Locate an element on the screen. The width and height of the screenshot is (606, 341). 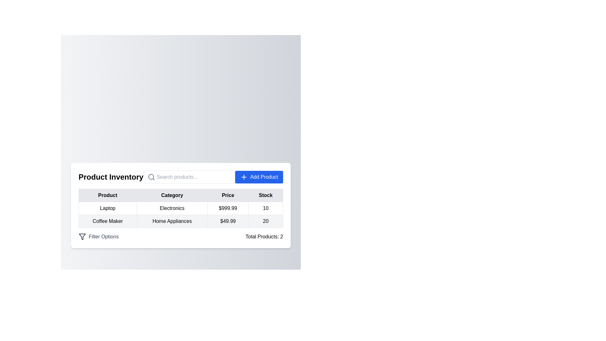
the search icon located in the header bar, which spans the full width below the title 'Product Inventory' is located at coordinates (180, 177).